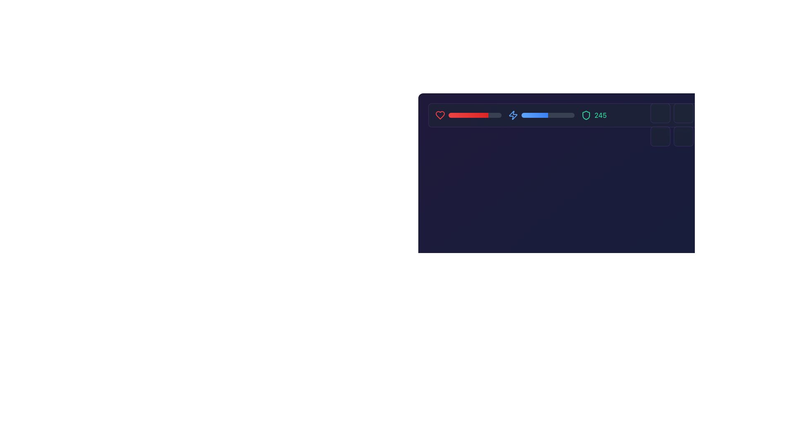  I want to click on the square button with rounded corners located in the upper-right corner of the interface, so click(660, 113).